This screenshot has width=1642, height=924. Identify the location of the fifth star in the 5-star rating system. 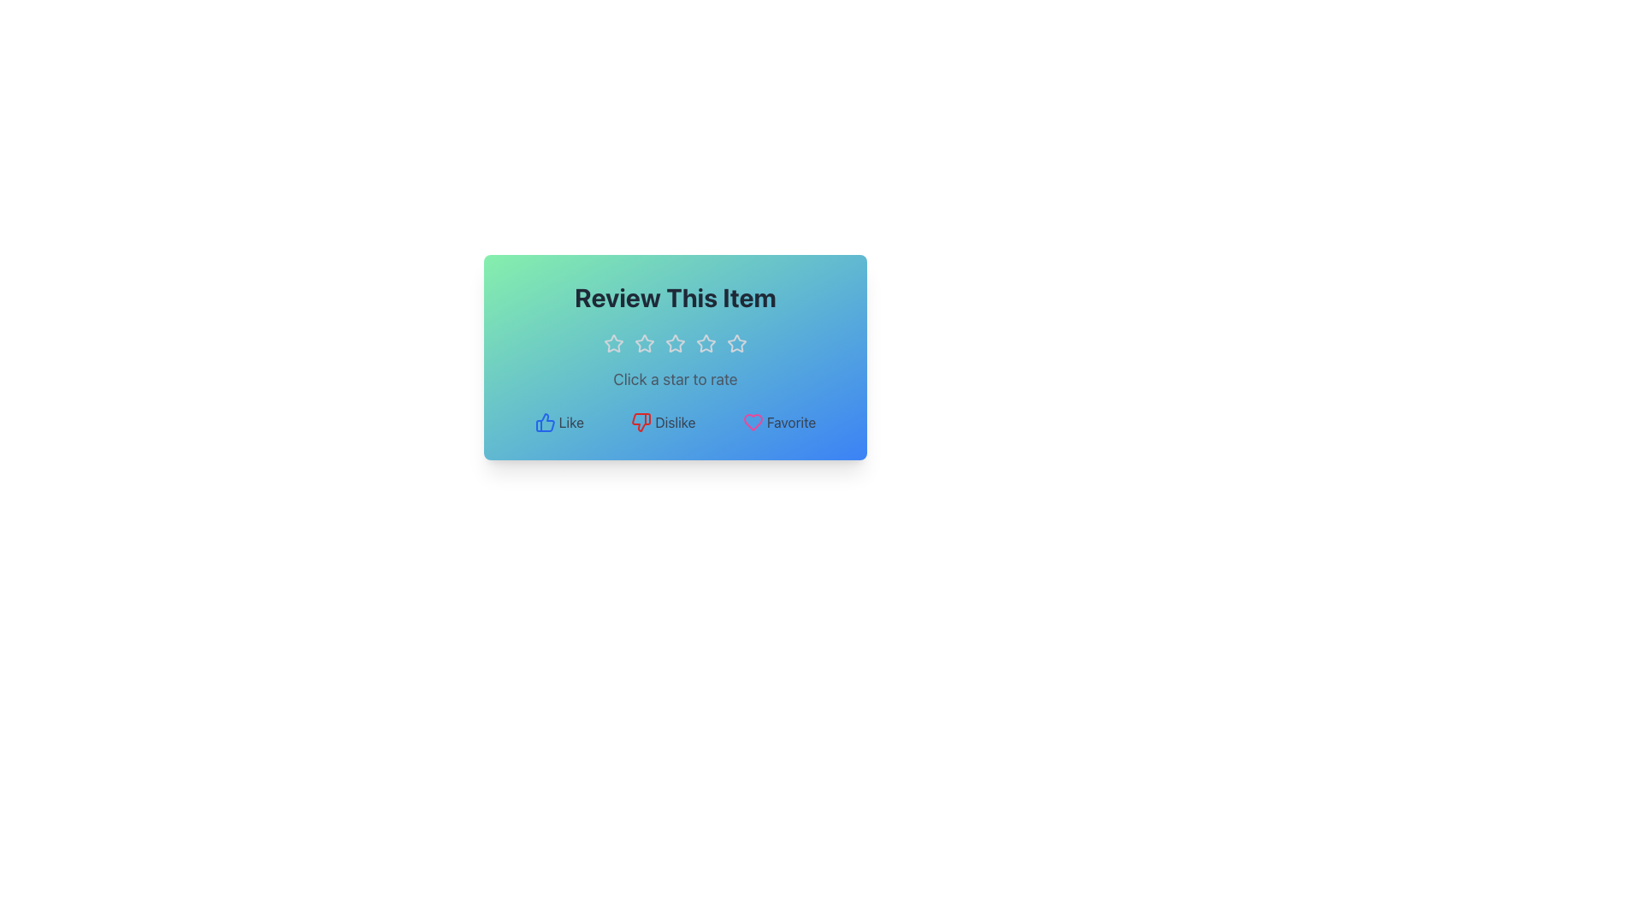
(737, 343).